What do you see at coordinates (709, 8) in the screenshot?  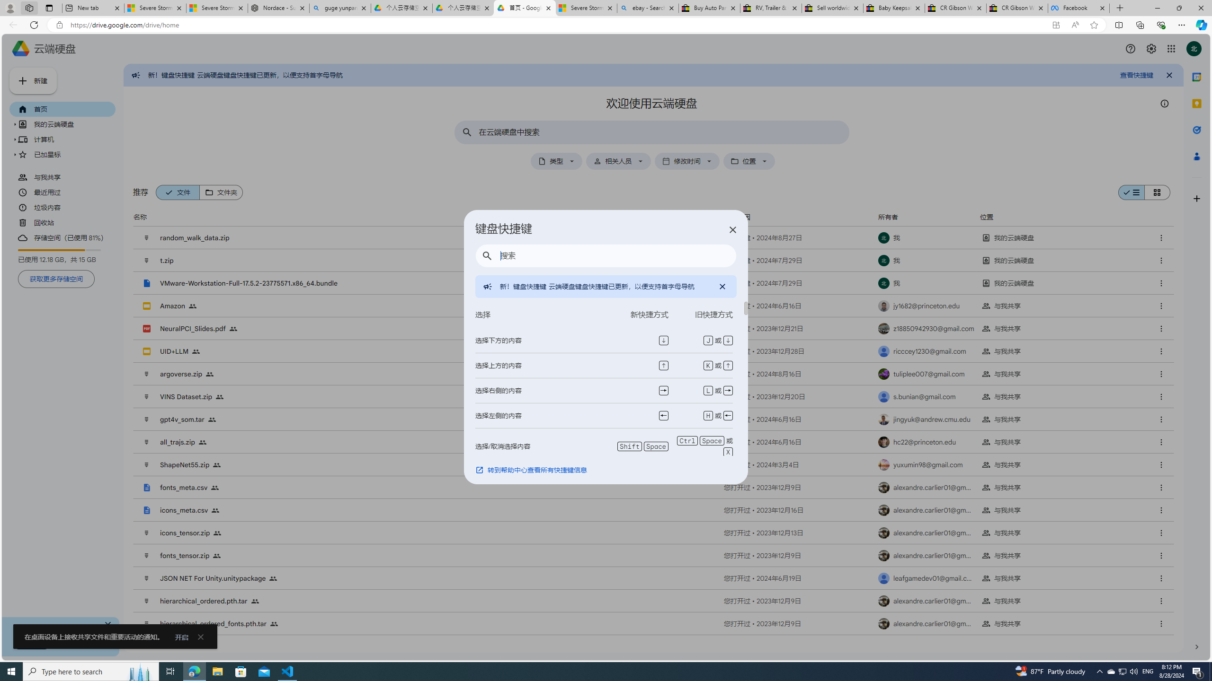 I see `'Buy Auto Parts & Accessories | eBay'` at bounding box center [709, 8].